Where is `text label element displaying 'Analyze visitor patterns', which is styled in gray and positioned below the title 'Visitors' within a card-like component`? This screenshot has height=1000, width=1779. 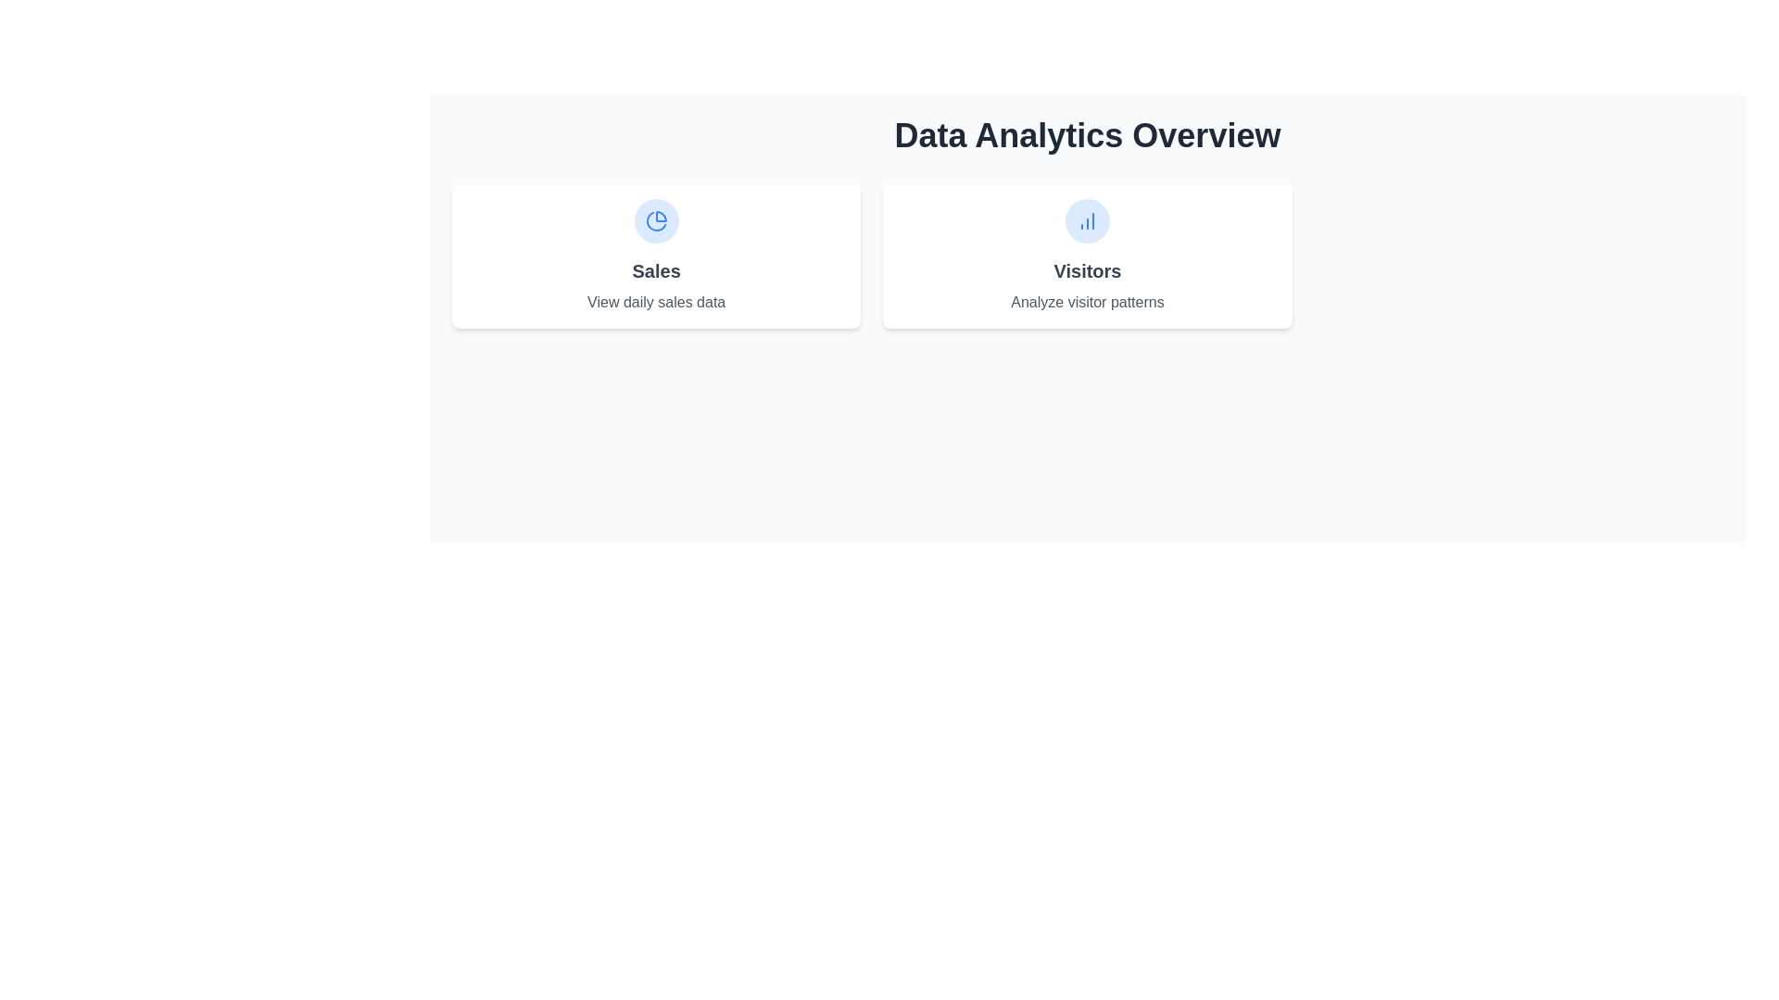
text label element displaying 'Analyze visitor patterns', which is styled in gray and positioned below the title 'Visitors' within a card-like component is located at coordinates (1088, 302).